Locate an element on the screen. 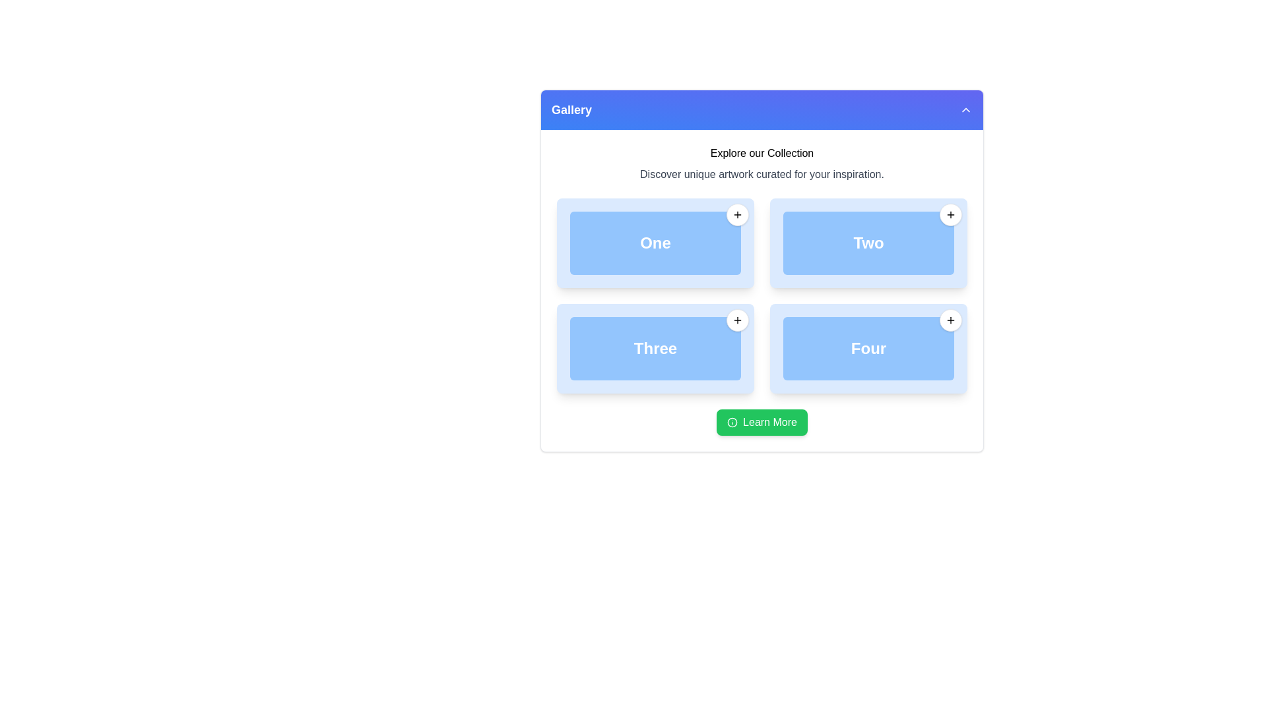 This screenshot has height=712, width=1267. the 'Four' card element in the second row and second column of the grid is located at coordinates (868, 347).